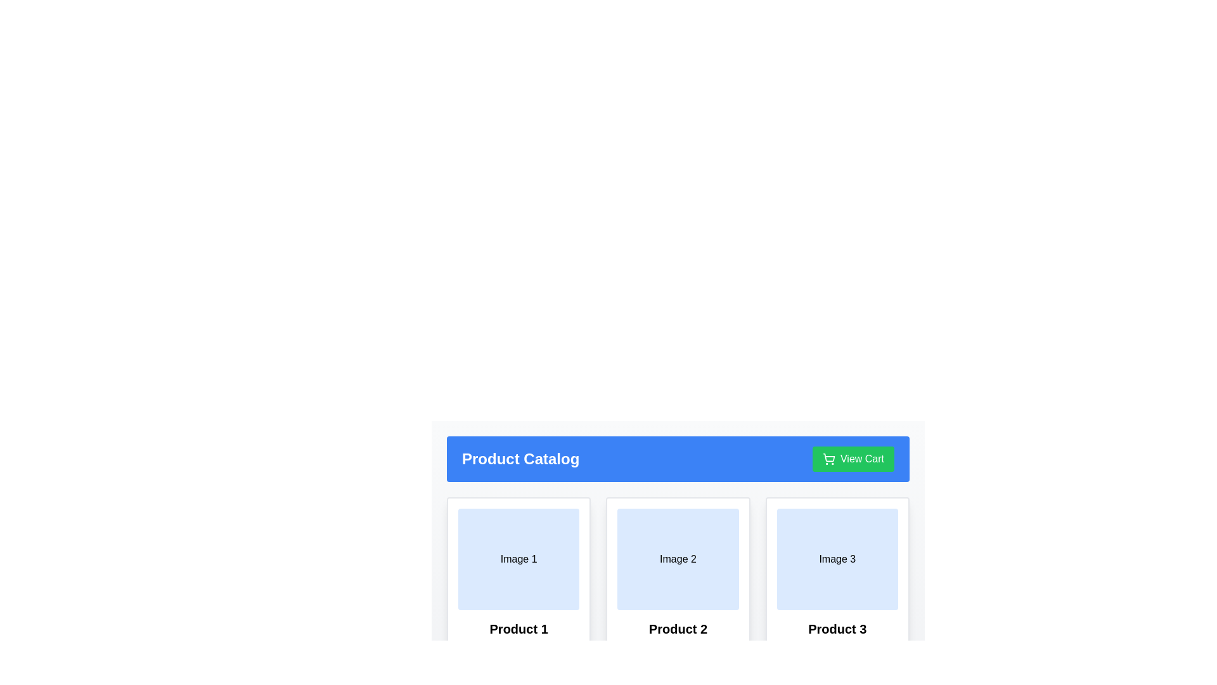  I want to click on the 'View Cart' button, which is a rectangular button with white text on a vibrant green background located at the right end of the 'Product Catalog' header, so click(853, 459).